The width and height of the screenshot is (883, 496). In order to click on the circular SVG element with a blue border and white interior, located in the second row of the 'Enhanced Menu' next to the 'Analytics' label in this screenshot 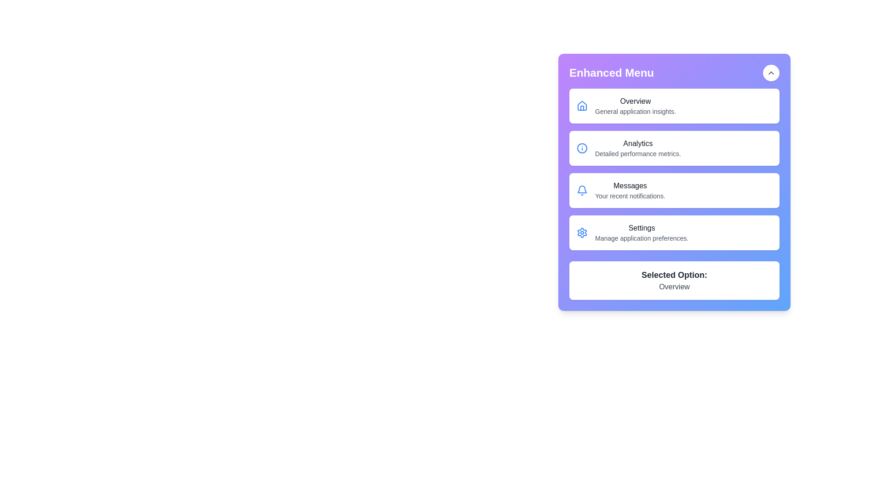, I will do `click(582, 148)`.